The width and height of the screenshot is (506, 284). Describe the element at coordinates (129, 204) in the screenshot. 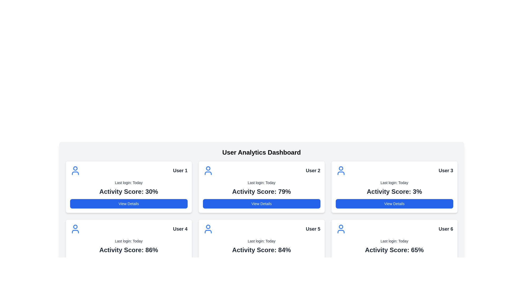

I see `the 'View Details' button located at the bottom of the card for 'User 1', which features a blue background and white text` at that location.